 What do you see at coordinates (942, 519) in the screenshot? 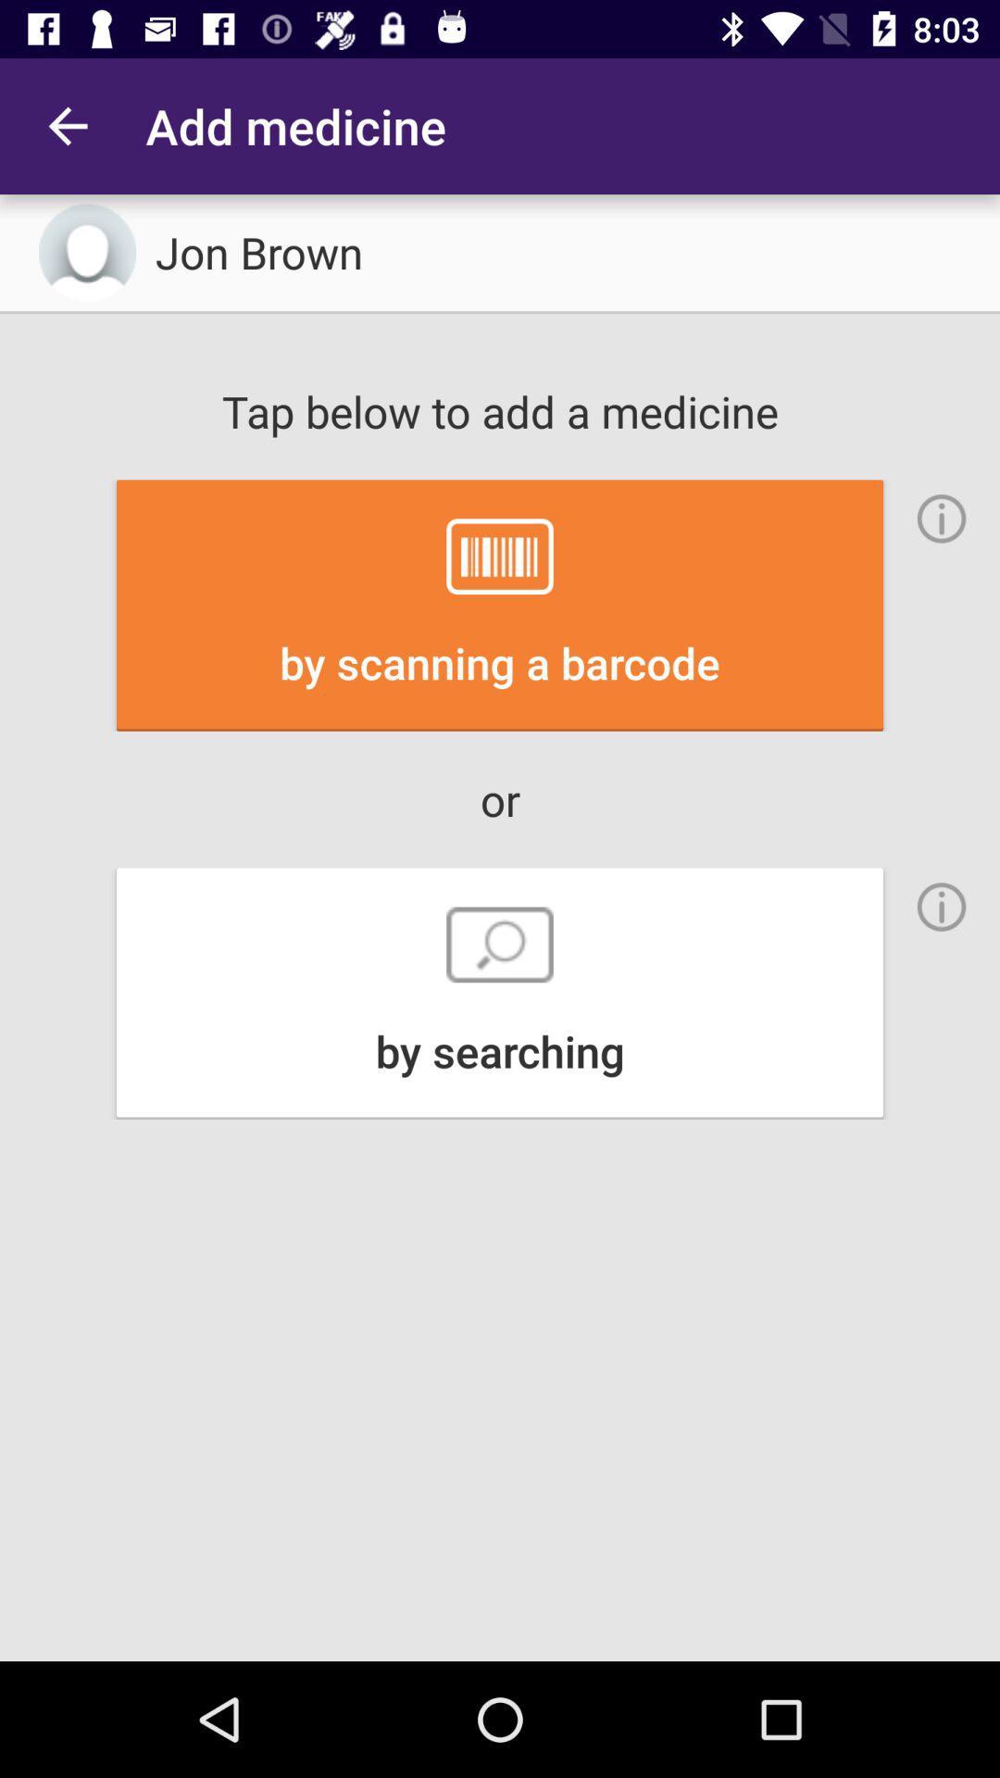
I see `get more information` at bounding box center [942, 519].